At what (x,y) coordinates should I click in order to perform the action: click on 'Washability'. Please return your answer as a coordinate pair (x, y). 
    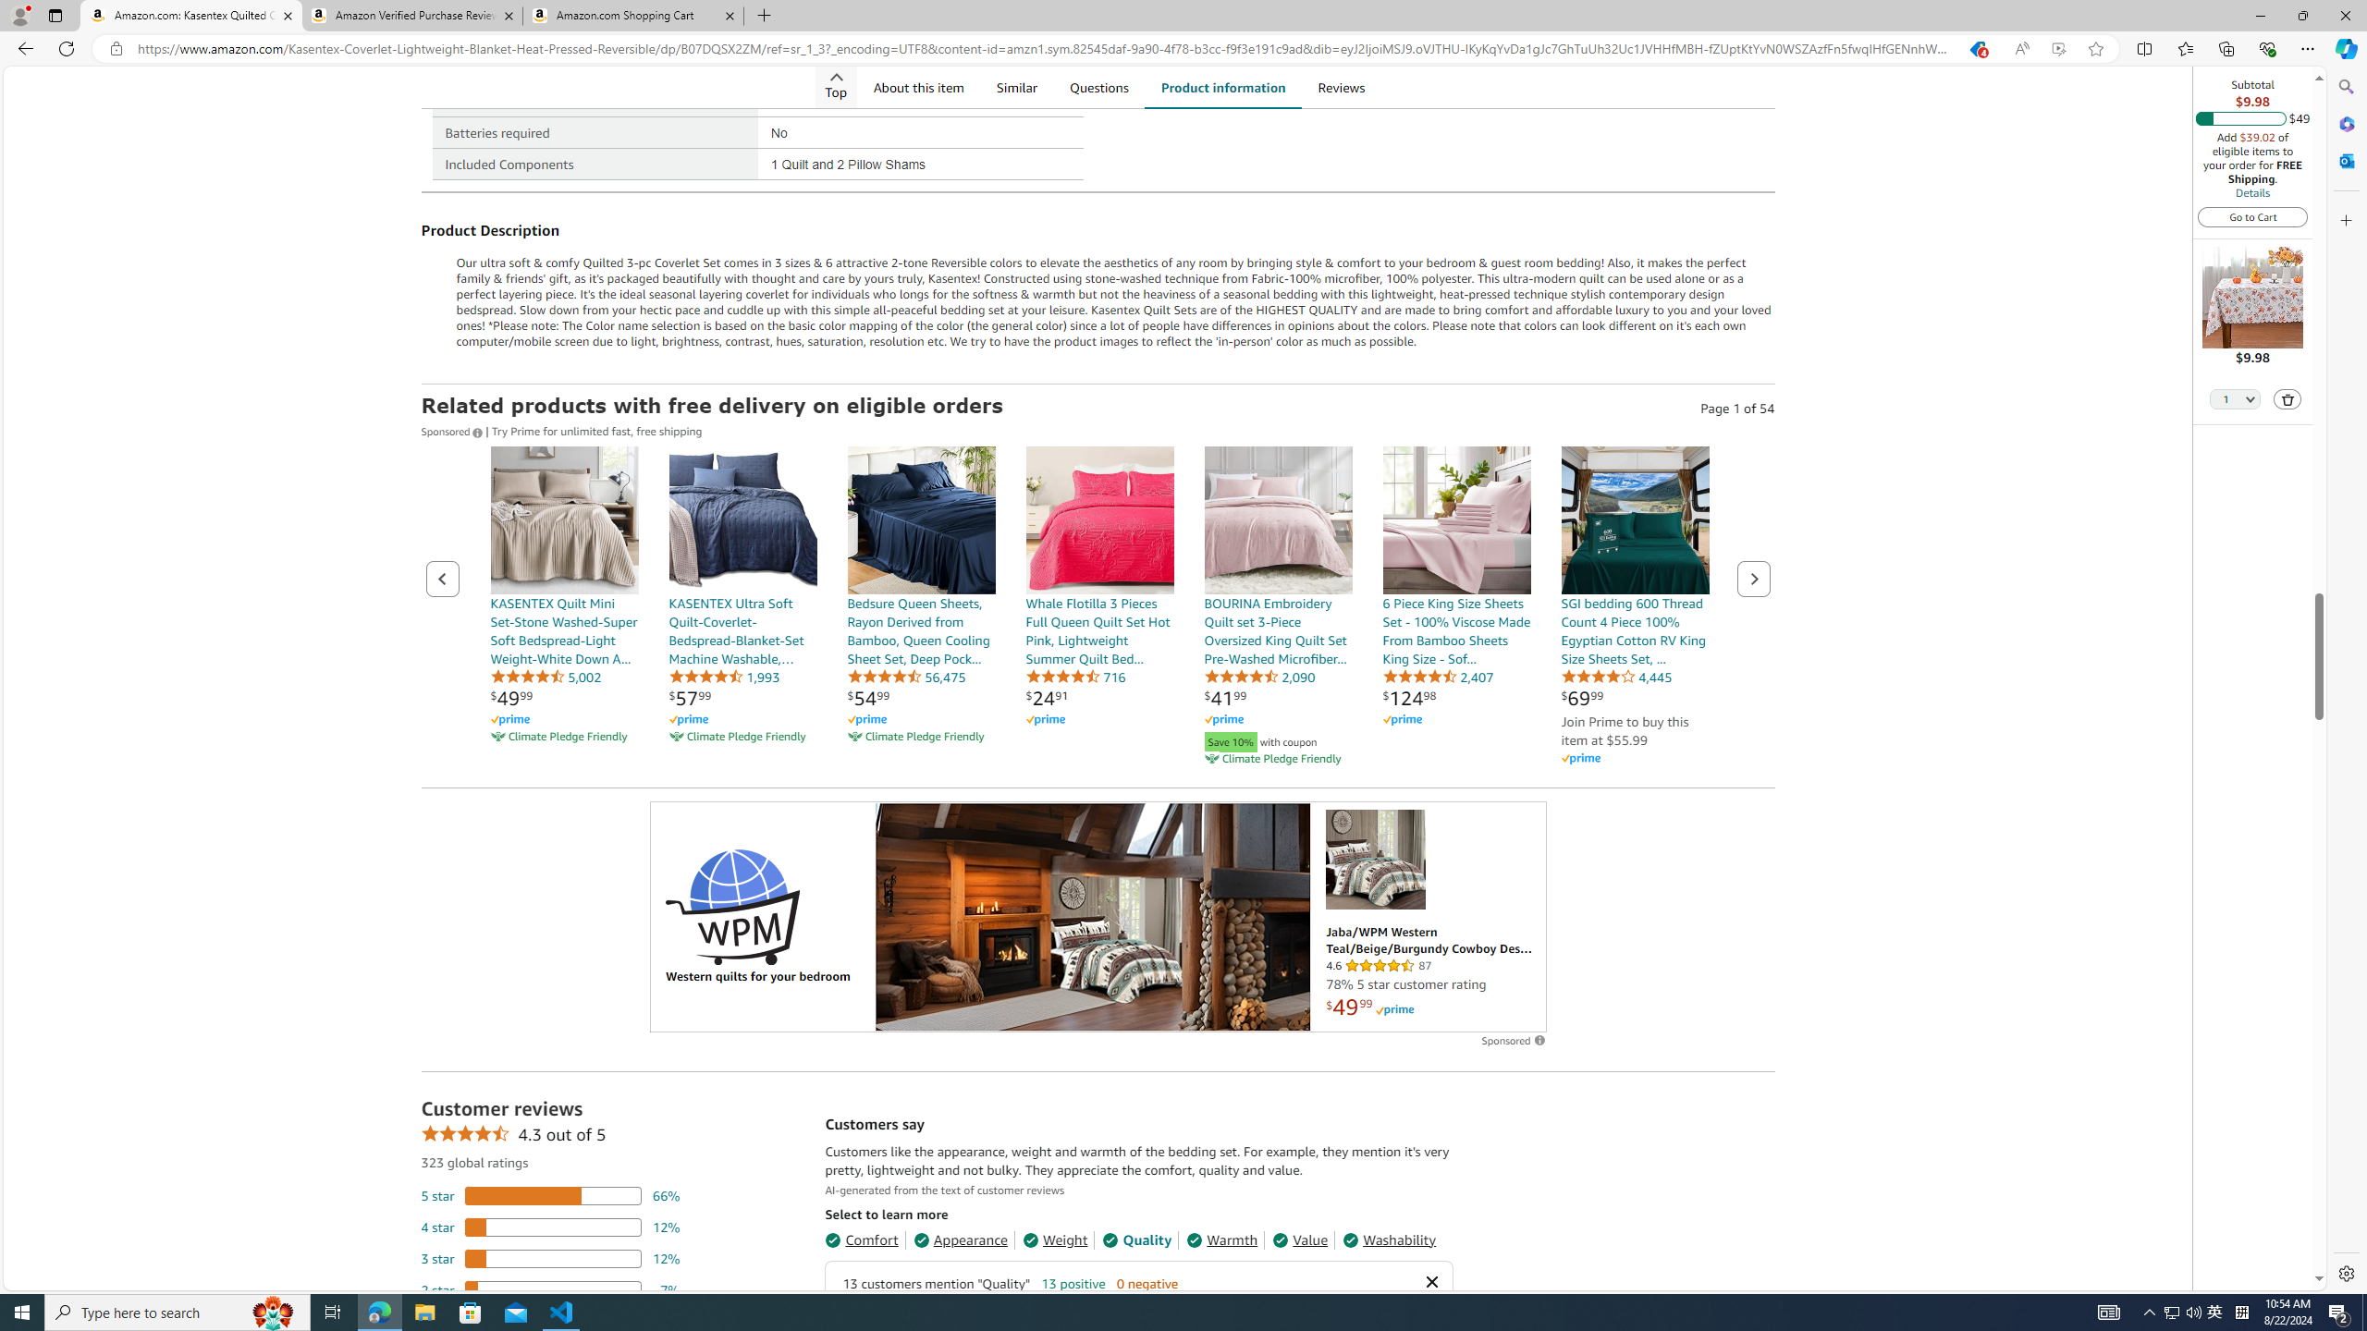
    Looking at the image, I should click on (1388, 1239).